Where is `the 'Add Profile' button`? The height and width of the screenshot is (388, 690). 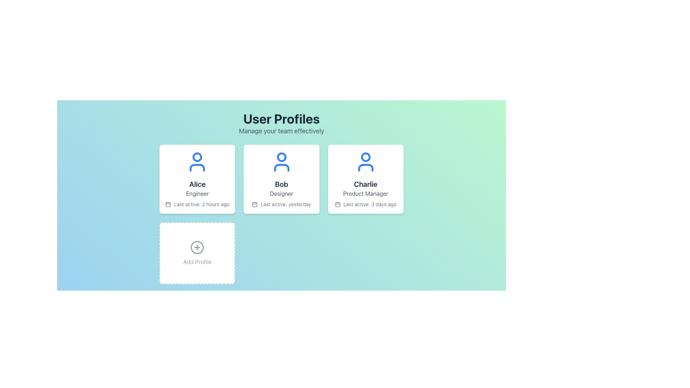 the 'Add Profile' button is located at coordinates (197, 247).